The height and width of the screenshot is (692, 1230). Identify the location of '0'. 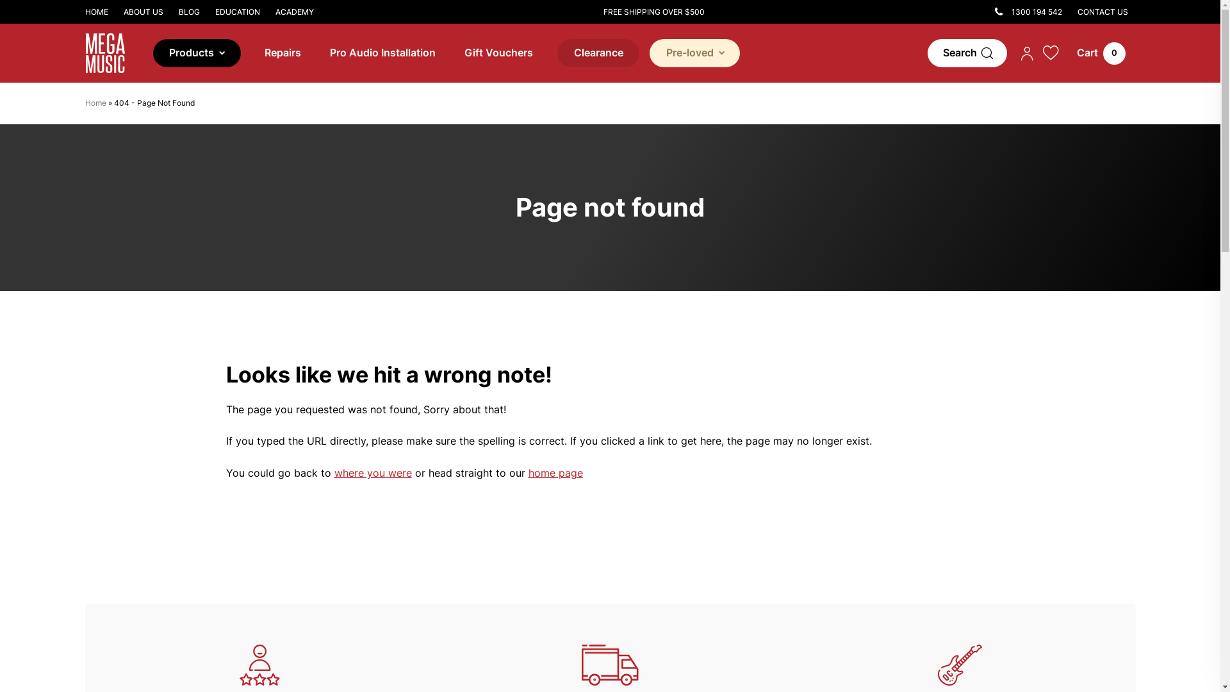
(1100, 53).